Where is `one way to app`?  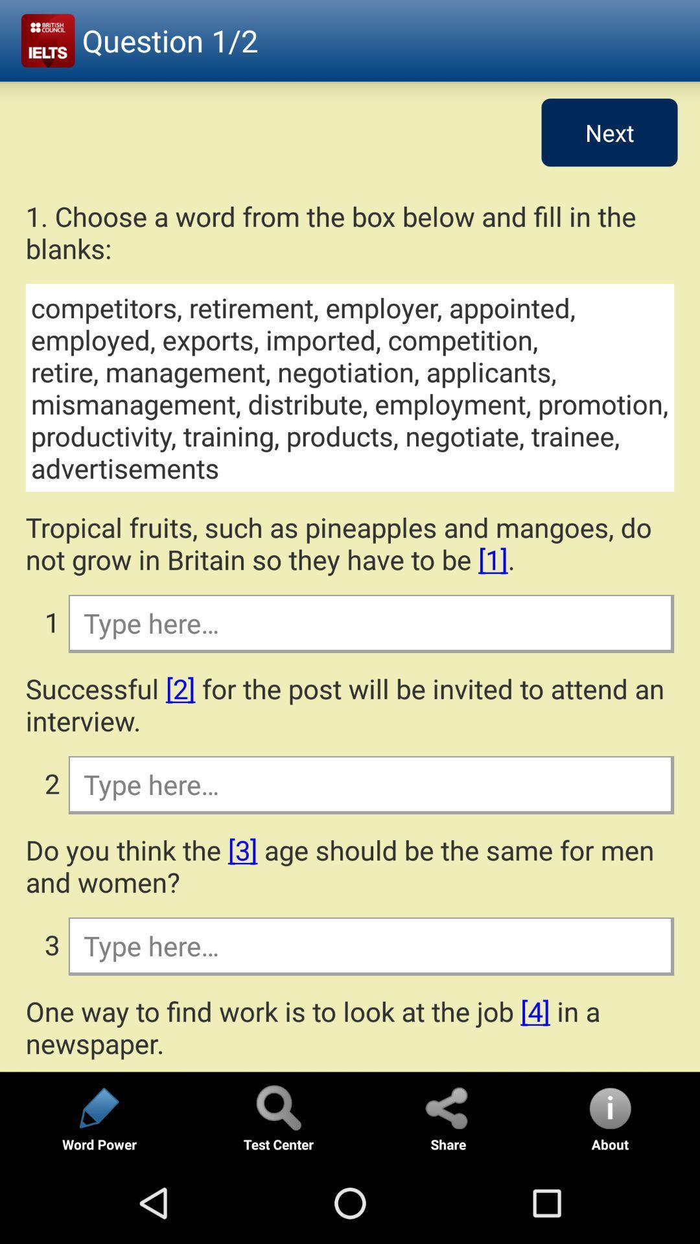
one way to app is located at coordinates (350, 1026).